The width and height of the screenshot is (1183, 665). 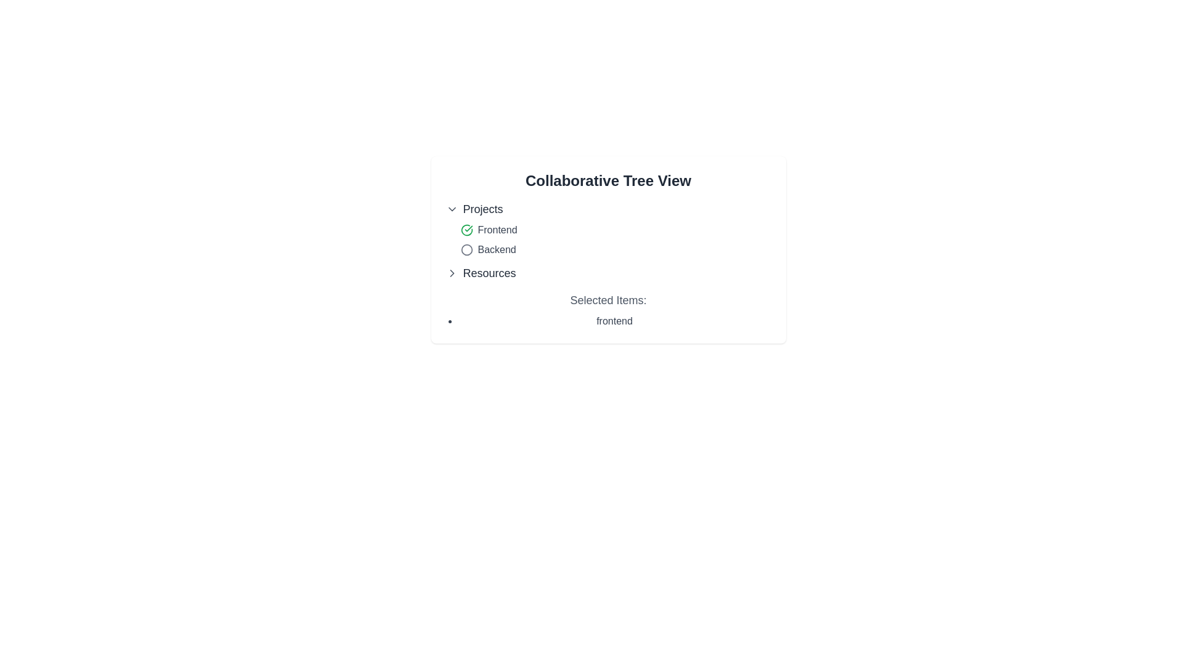 I want to click on the right-pointing chevron arrow icon next to the 'Resources' label in the sidebar tree view, indicating that the entry can be expanded, so click(x=451, y=272).